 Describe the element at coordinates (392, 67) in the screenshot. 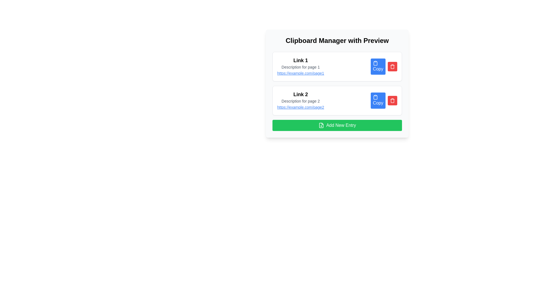

I see `the trash bin icon located adjacent to the link entry` at that location.